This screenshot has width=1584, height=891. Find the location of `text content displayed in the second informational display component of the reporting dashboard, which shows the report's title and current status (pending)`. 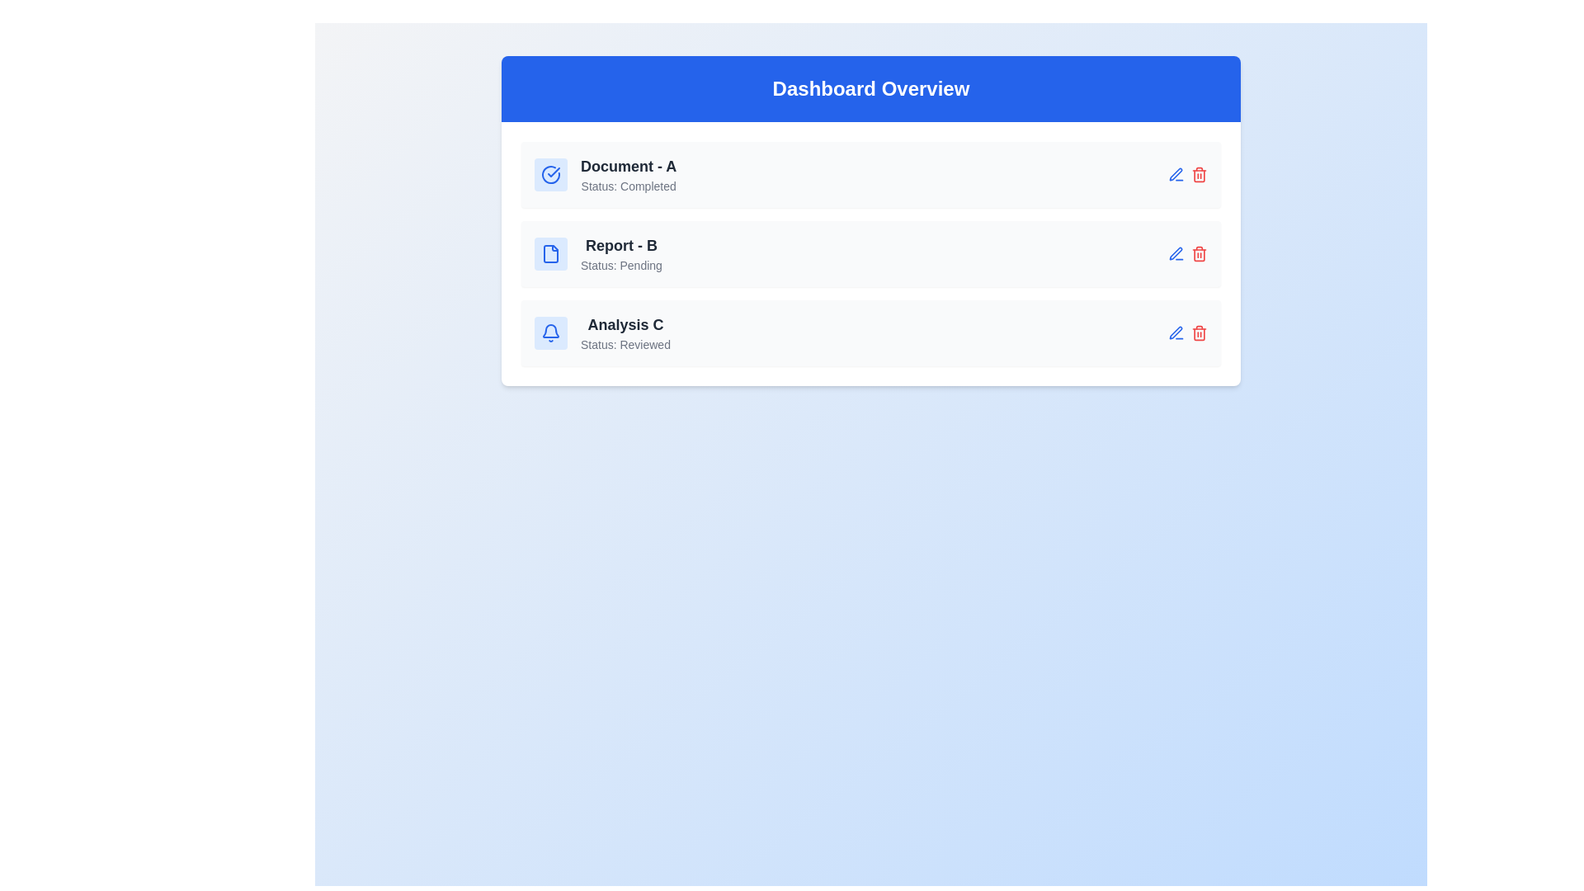

text content displayed in the second informational display component of the reporting dashboard, which shows the report's title and current status (pending) is located at coordinates (620, 254).